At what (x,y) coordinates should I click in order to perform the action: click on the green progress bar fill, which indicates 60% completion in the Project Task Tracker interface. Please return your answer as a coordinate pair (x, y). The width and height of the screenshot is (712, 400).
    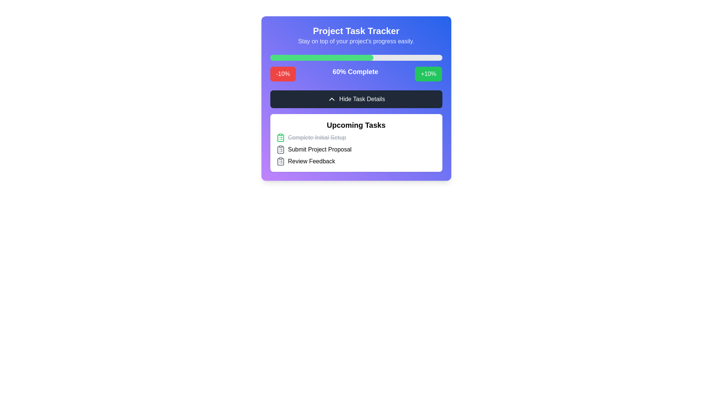
    Looking at the image, I should click on (322, 57).